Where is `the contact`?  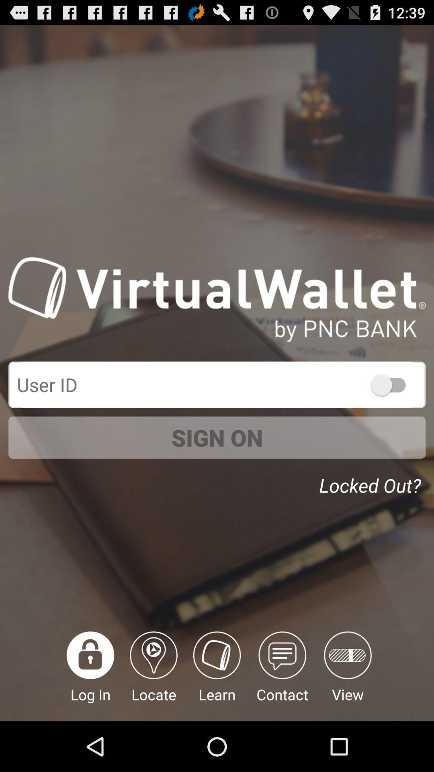 the contact is located at coordinates (282, 676).